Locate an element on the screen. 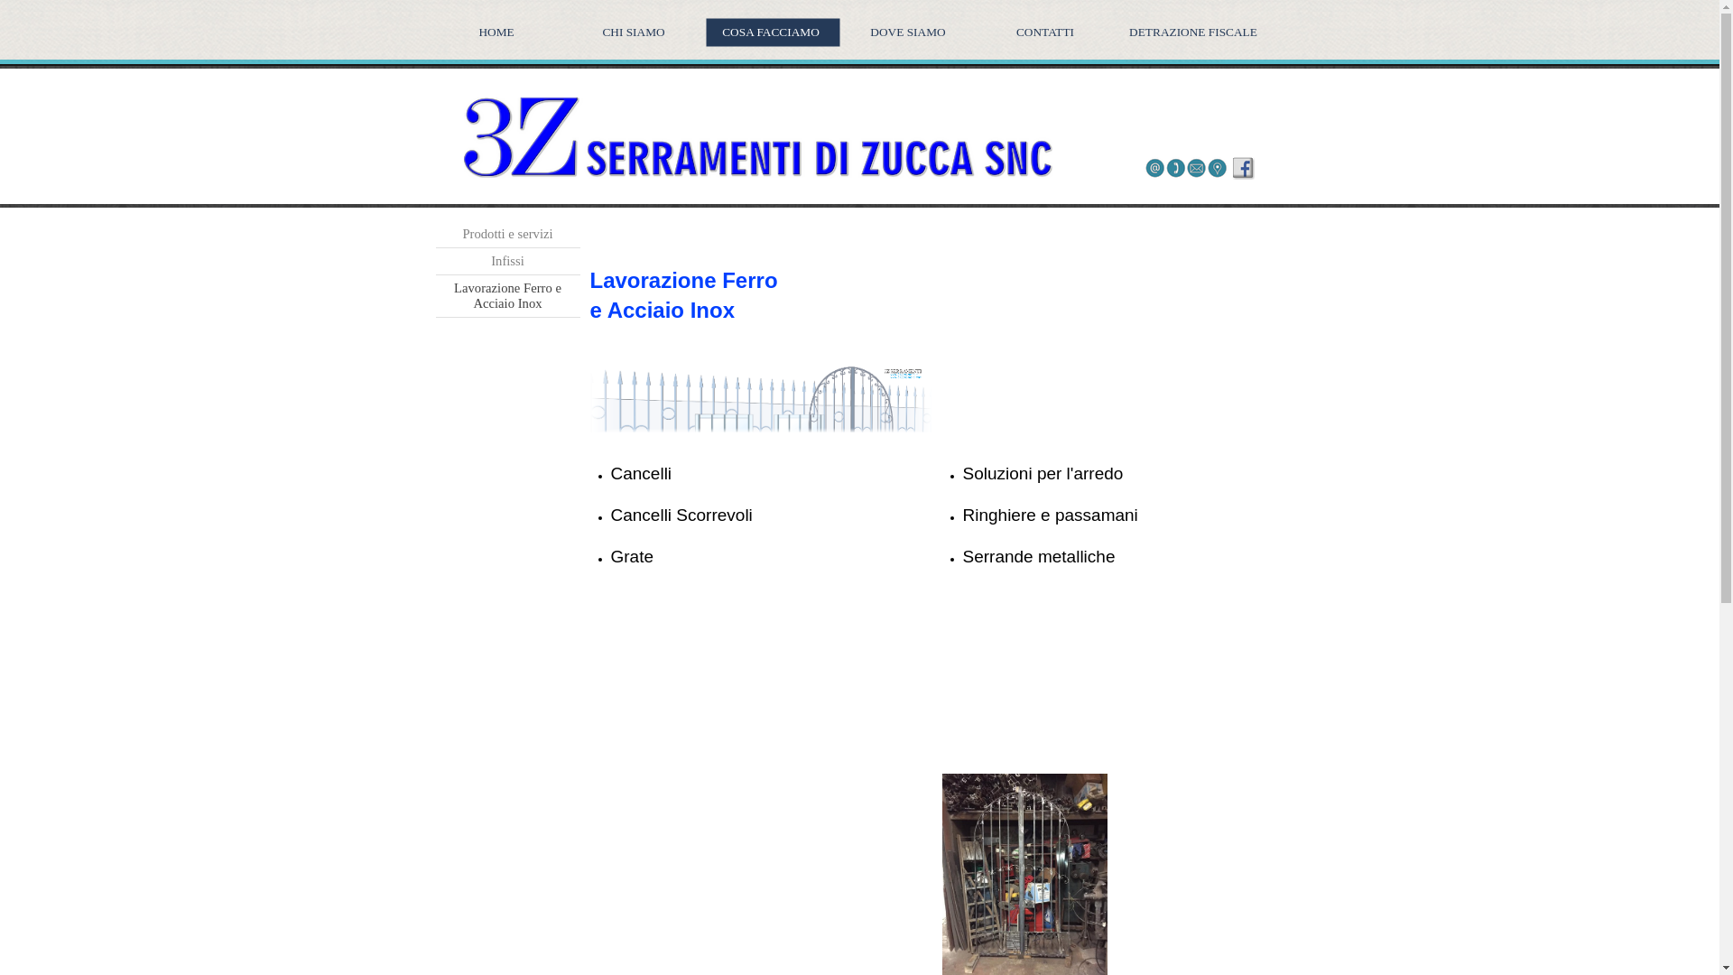 This screenshot has height=975, width=1733. 'DOVE SIAMO' is located at coordinates (910, 32).